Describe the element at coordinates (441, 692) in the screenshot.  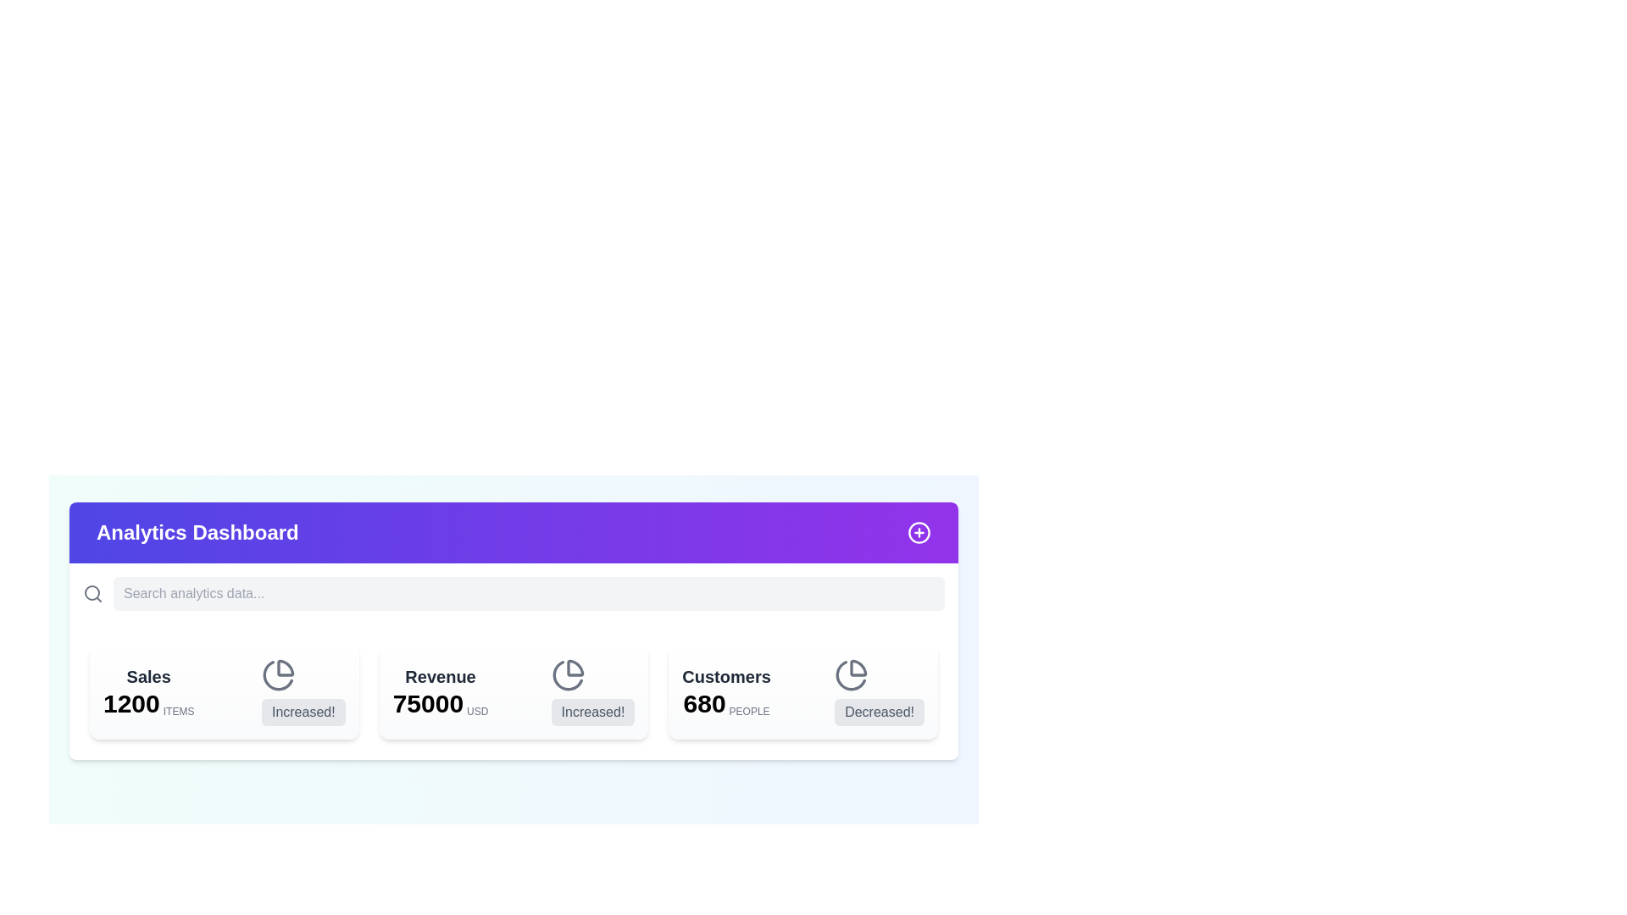
I see `the Text label displaying 'Revenue' with the number '75000' and 'USD', located in the second card of a three-card dashboard interface` at that location.